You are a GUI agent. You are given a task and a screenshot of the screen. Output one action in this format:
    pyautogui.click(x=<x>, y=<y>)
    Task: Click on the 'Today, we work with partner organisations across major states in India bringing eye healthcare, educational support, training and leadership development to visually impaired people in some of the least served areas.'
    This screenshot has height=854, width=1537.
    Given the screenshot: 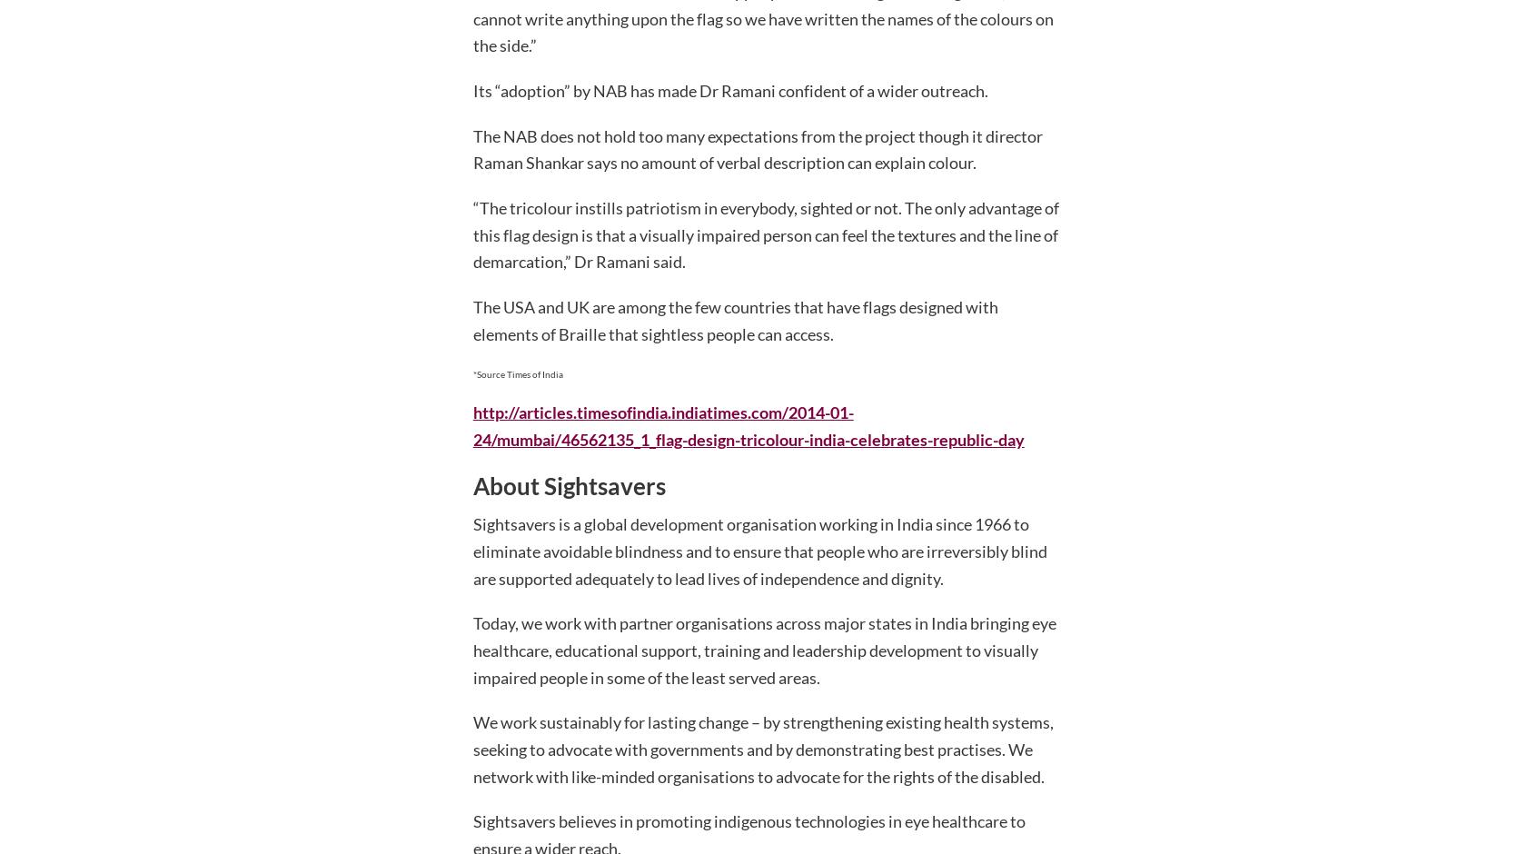 What is the action you would take?
    pyautogui.click(x=763, y=650)
    